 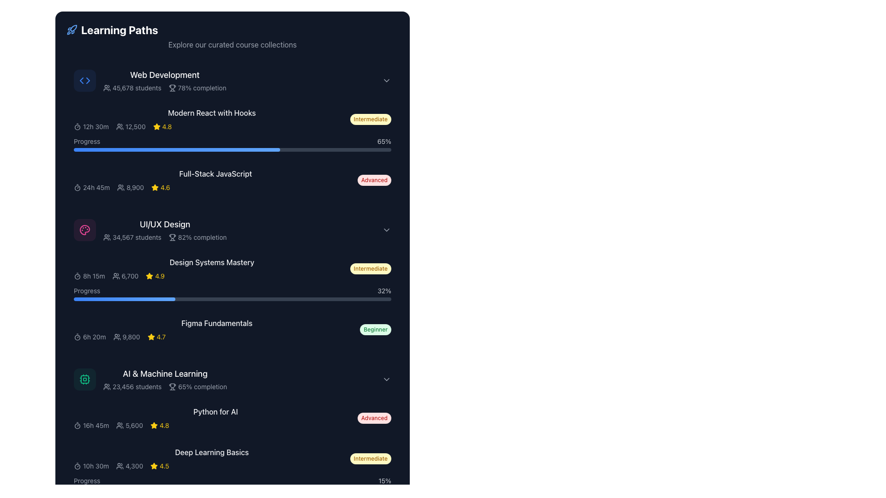 What do you see at coordinates (233, 329) in the screenshot?
I see `the Course overview card located in the learning paths interface, which provides metadata such as title, duration, rating, student count, and difficulty level` at bounding box center [233, 329].